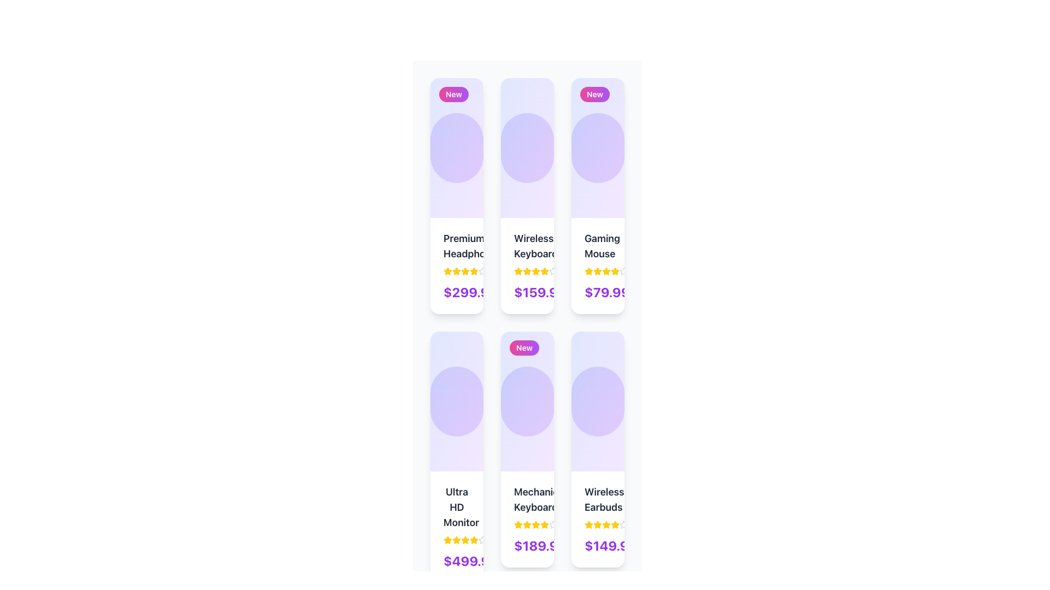 This screenshot has width=1050, height=590. What do you see at coordinates (527, 499) in the screenshot?
I see `the 'Mechanical Keyboard' text label, which is a bold and larger font element located centrally in the lower portion of the second card in the bottom row of the grid layout` at bounding box center [527, 499].